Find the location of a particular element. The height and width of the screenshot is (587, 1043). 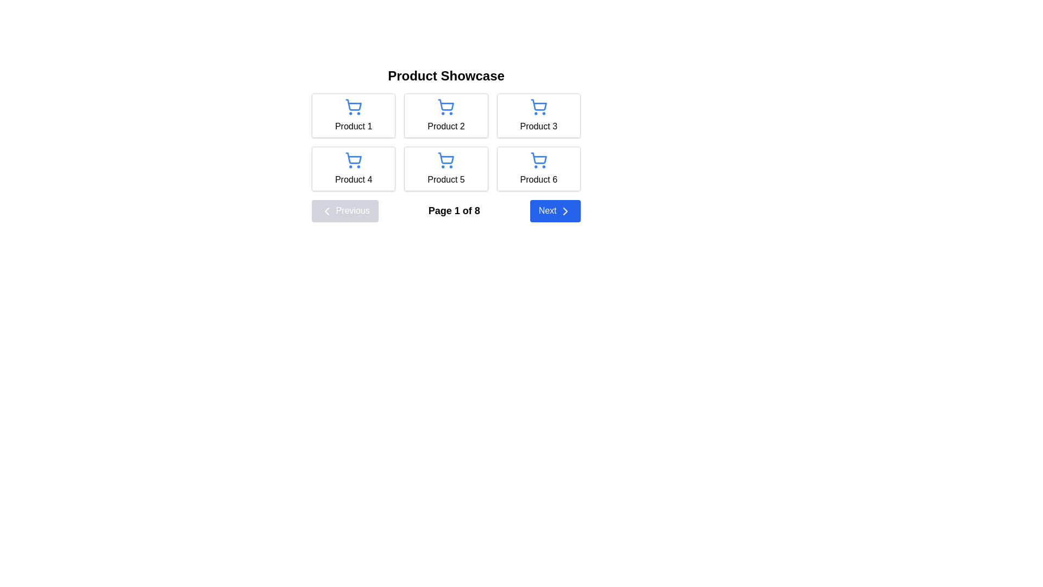

the 'Next' button, which is visually represented by an SVG icon indicating the function to proceed to the next page, located at the bottom-right of the interface is located at coordinates (565, 211).